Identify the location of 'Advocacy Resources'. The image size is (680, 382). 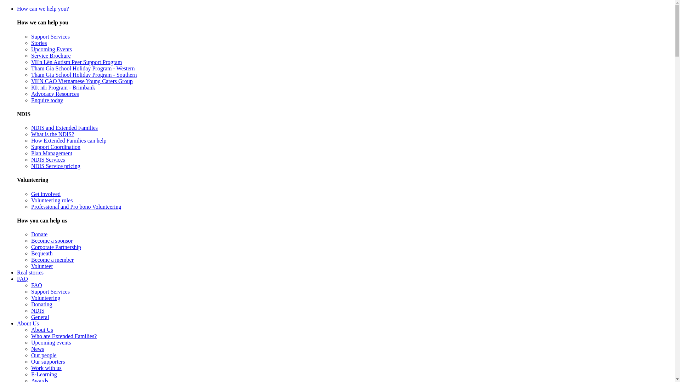
(30, 93).